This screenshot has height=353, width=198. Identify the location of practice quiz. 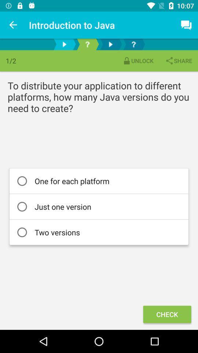
(87, 44).